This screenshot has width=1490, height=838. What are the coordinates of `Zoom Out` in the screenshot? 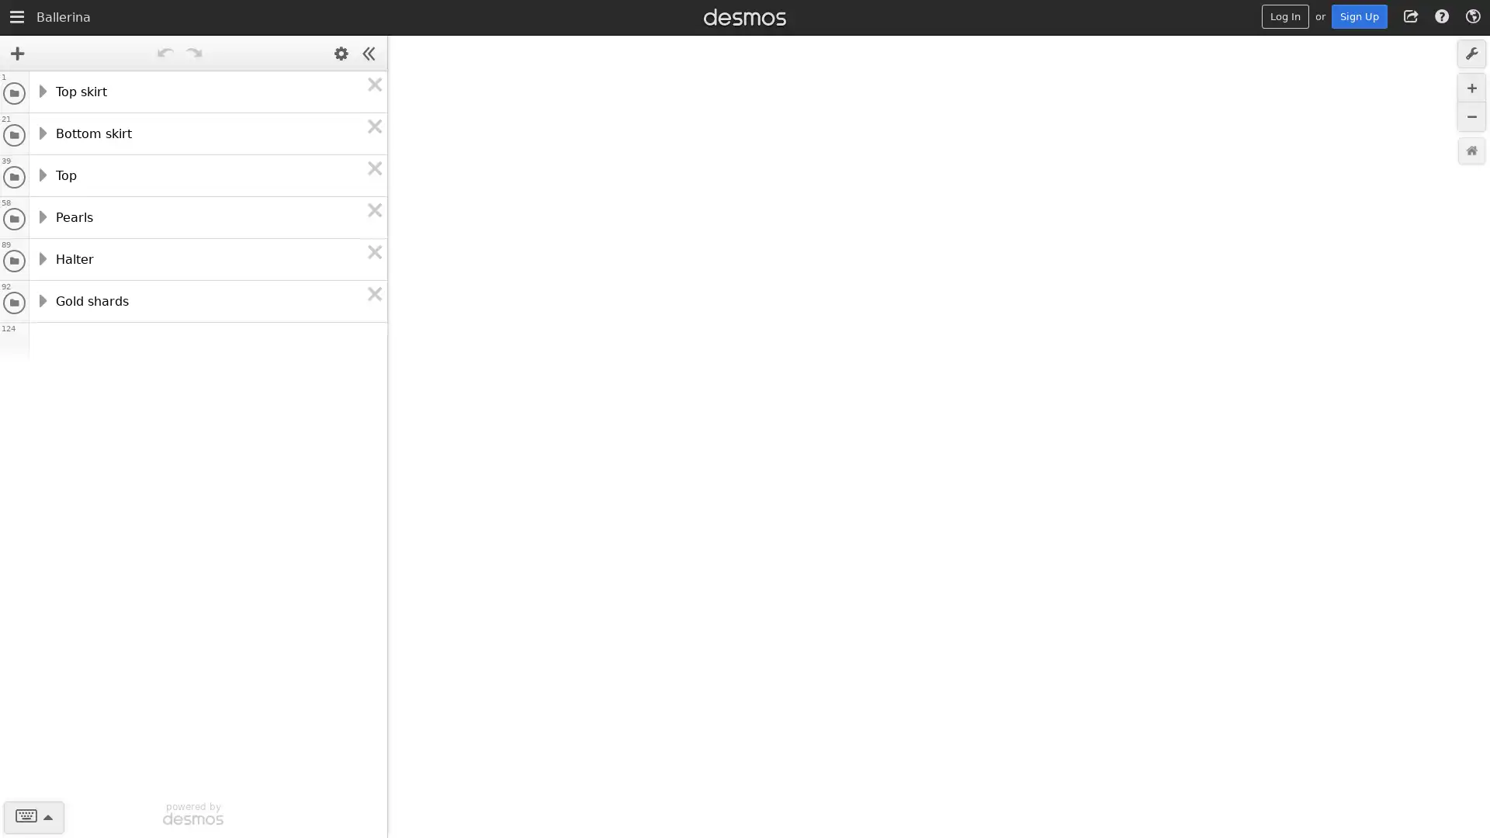 It's located at (1471, 116).